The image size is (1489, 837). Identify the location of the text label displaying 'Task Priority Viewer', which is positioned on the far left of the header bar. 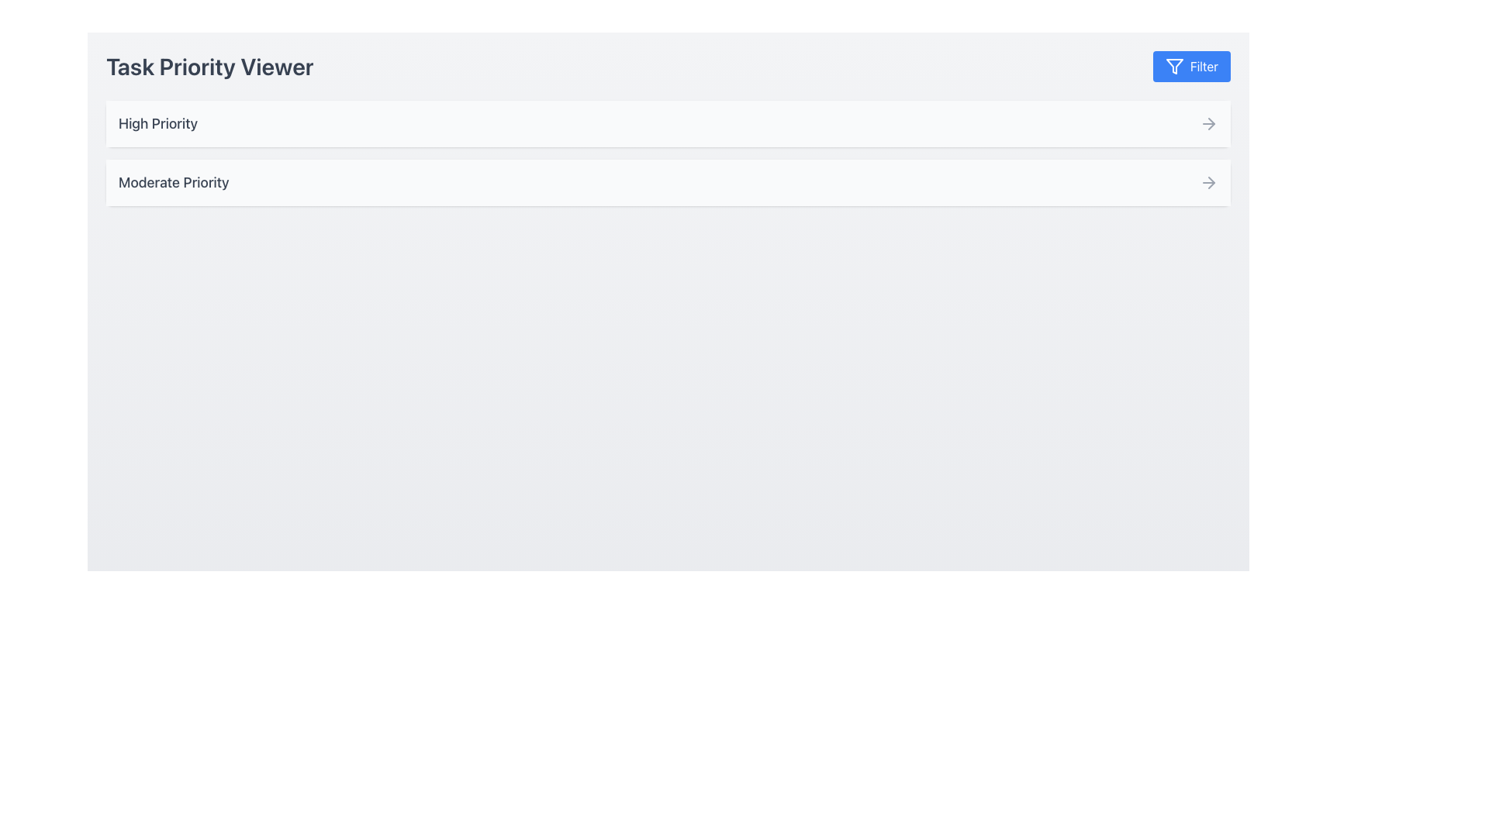
(209, 65).